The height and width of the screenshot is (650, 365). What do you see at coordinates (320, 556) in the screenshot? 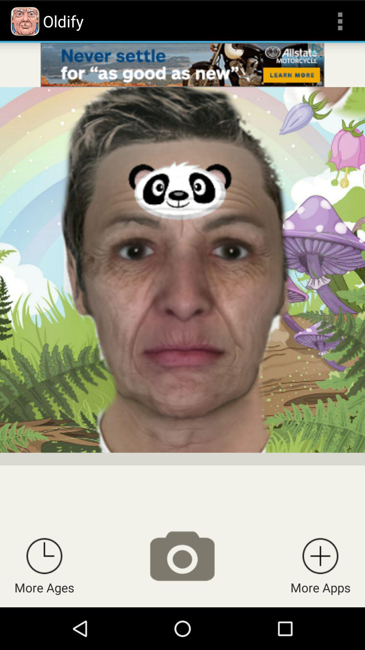
I see `more apps` at bounding box center [320, 556].